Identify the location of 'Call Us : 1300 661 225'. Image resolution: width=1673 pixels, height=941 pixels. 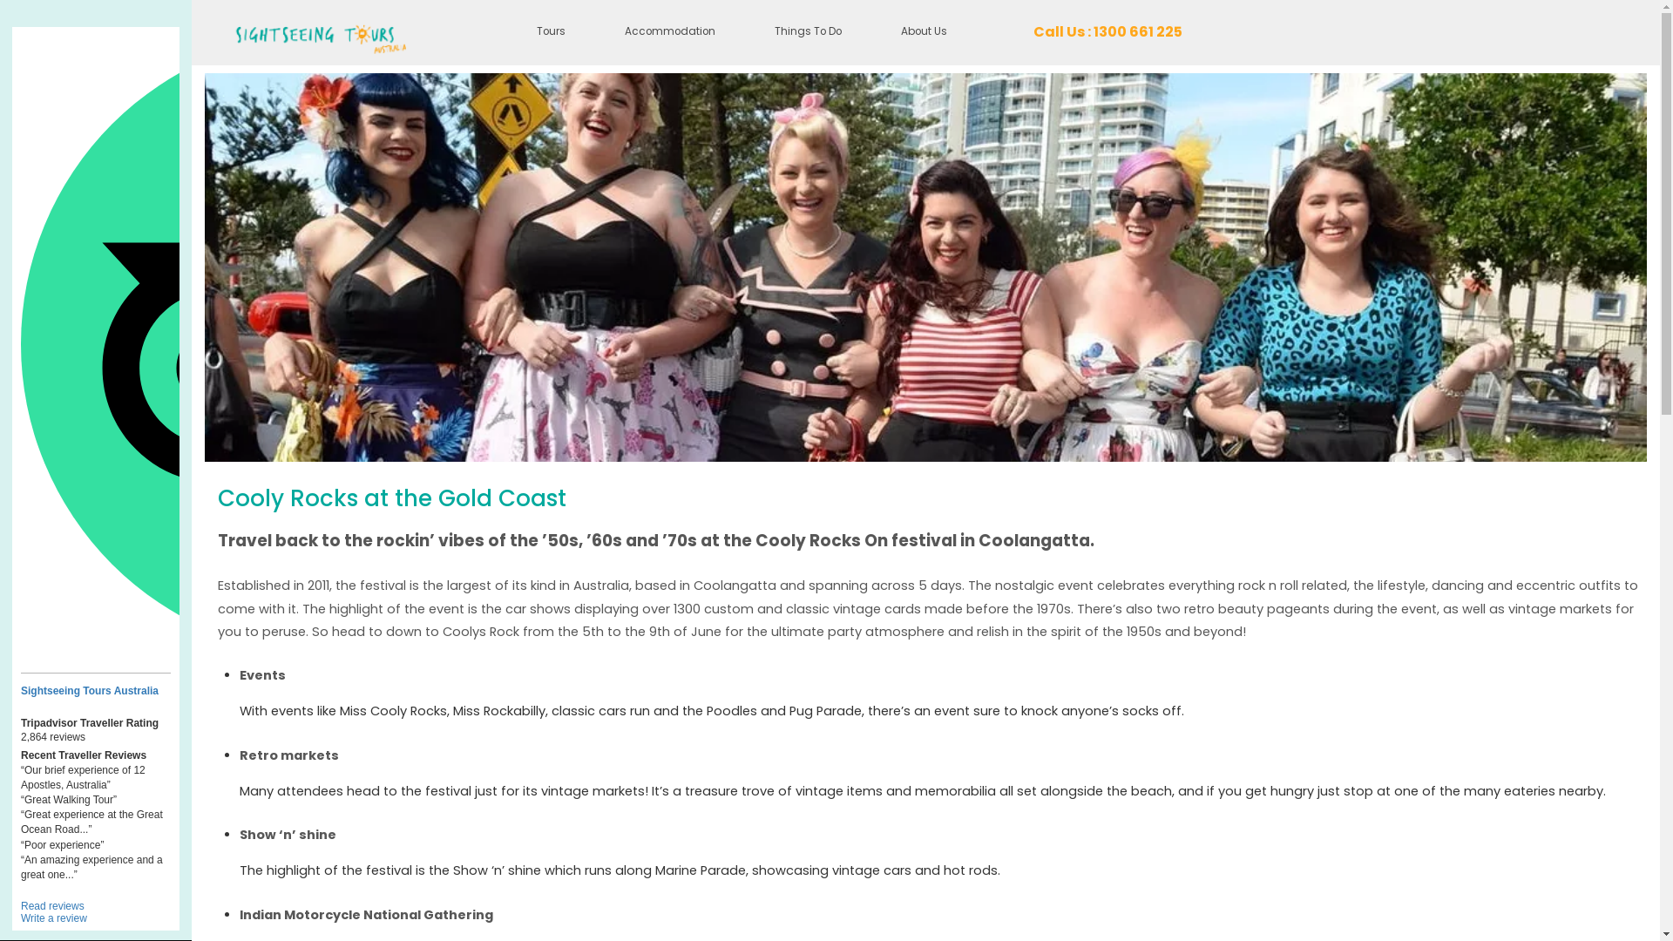
(1107, 32).